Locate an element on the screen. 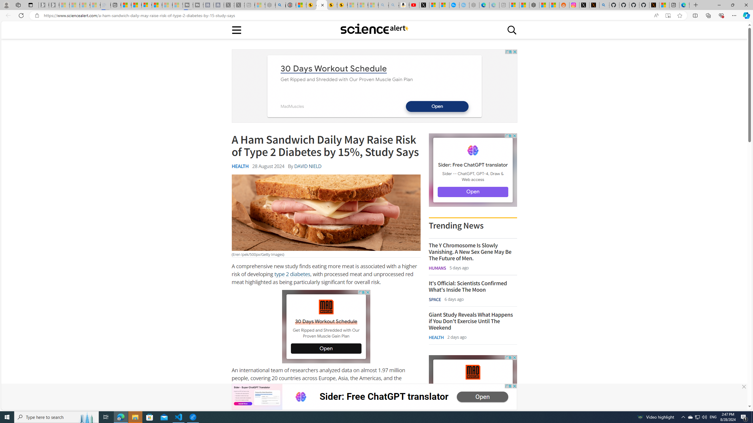 The image size is (753, 423). 'X - Sleeping' is located at coordinates (239, 5).